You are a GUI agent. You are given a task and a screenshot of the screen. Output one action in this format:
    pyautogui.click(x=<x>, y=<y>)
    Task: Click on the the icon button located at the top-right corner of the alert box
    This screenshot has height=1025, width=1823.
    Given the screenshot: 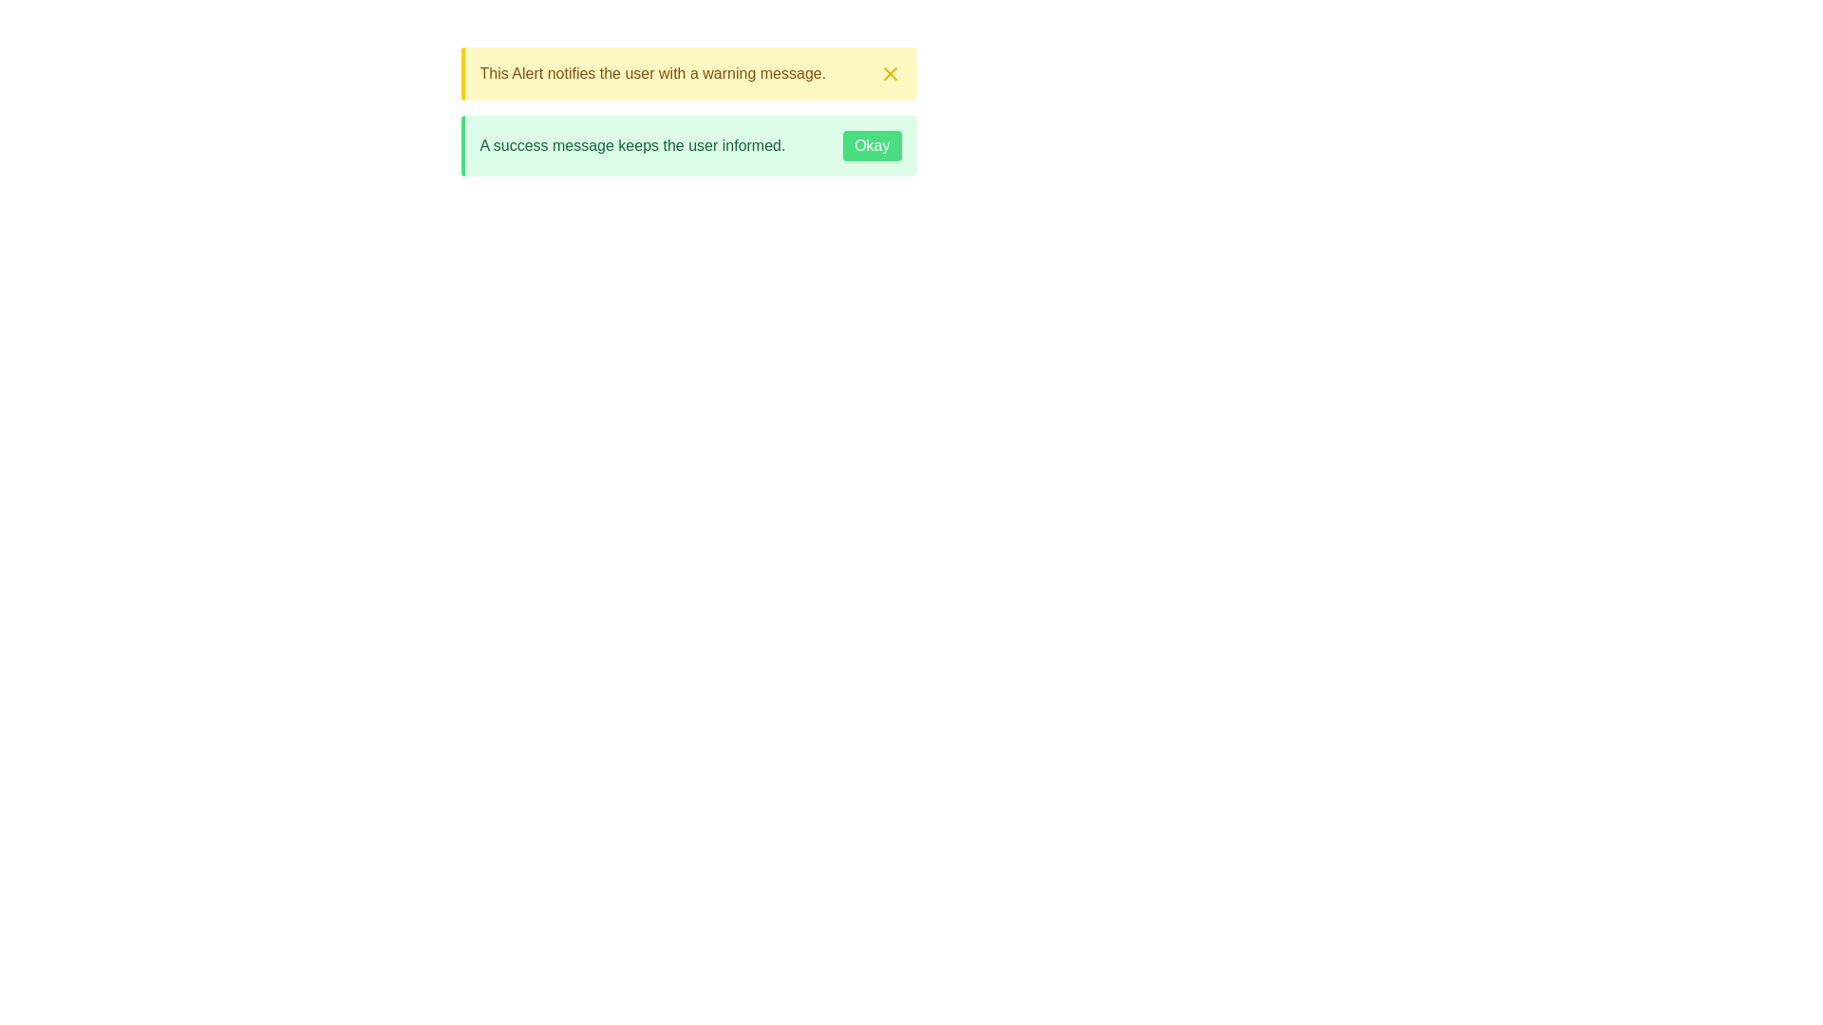 What is the action you would take?
    pyautogui.click(x=889, y=72)
    